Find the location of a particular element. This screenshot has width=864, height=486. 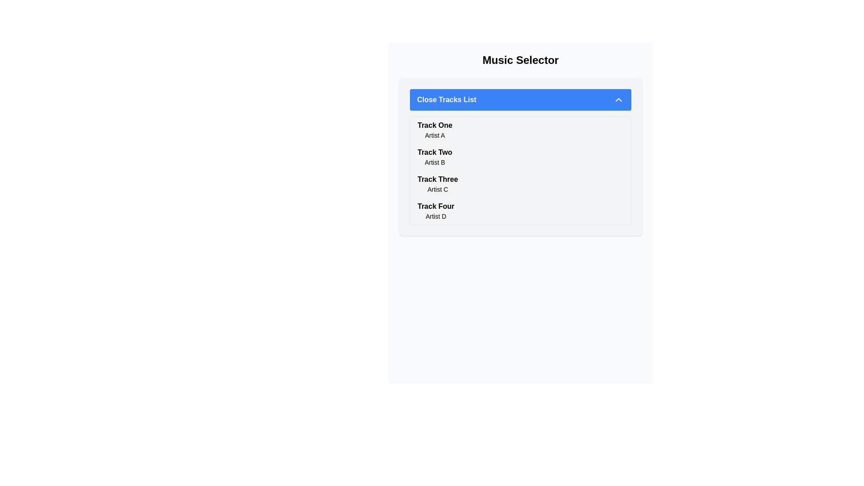

the second list item in the 'Close Tracks List' collapsible panel, which displays information about a track and its artist is located at coordinates (520, 156).